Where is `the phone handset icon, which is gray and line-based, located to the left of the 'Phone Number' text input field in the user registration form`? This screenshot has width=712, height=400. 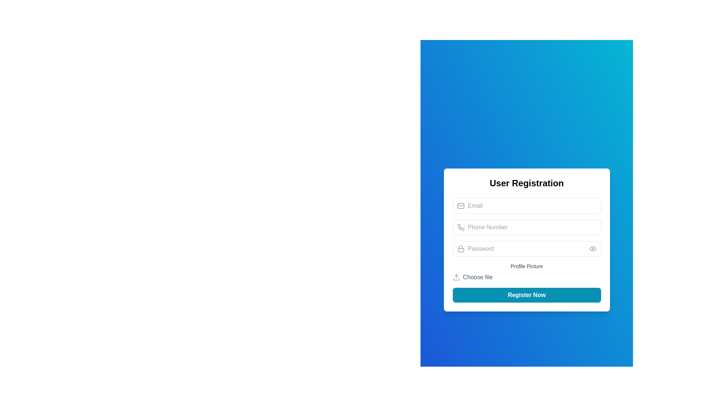
the phone handset icon, which is gray and line-based, located to the left of the 'Phone Number' text input field in the user registration form is located at coordinates (460, 227).